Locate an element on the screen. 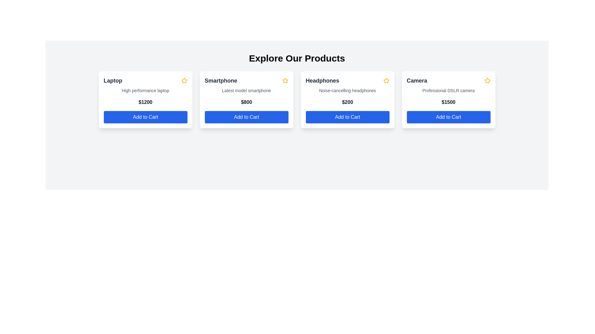 This screenshot has width=595, height=334. the text label displaying 'High performance laptop' which is located in the middle portion of the 'Laptop' card, situated beneath the title 'Laptop' and above the price '$1200' is located at coordinates (145, 91).